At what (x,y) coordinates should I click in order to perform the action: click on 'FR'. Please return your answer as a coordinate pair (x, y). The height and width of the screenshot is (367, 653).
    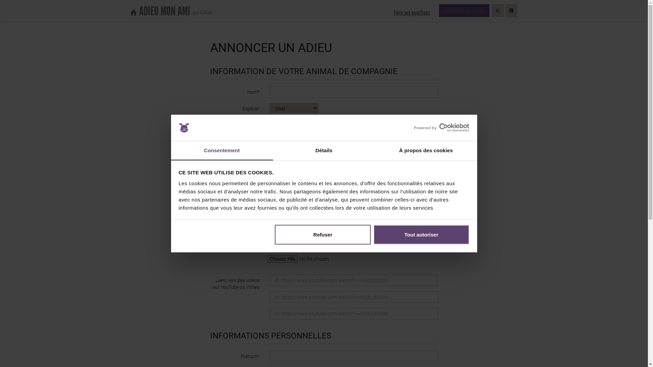
    Looking at the image, I should click on (511, 10).